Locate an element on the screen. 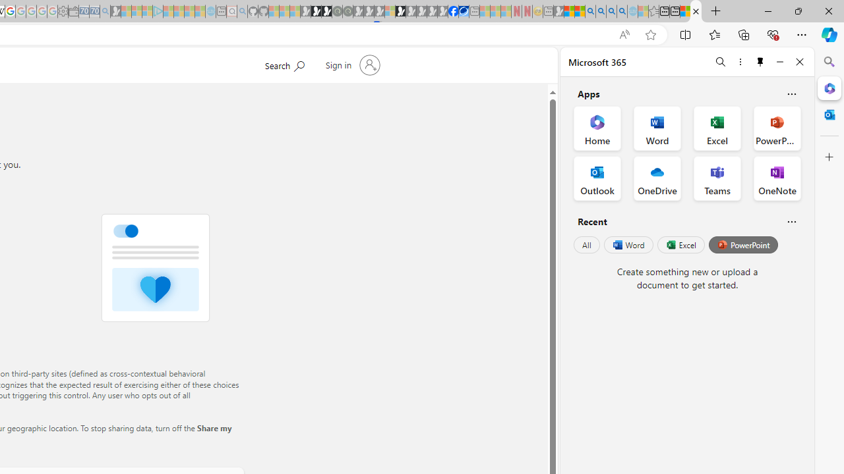 Image resolution: width=844 pixels, height=474 pixels. 'github - Search - Sleeping' is located at coordinates (242, 11).